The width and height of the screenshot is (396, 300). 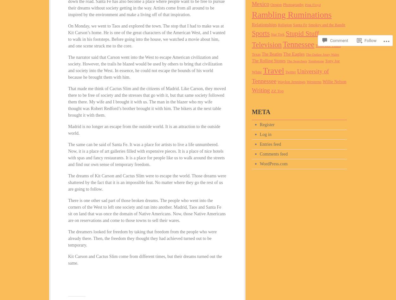 What do you see at coordinates (67, 130) in the screenshot?
I see `'Madrid is no longer an escape from the outside world. It is an attraction to the outside world.'` at bounding box center [67, 130].